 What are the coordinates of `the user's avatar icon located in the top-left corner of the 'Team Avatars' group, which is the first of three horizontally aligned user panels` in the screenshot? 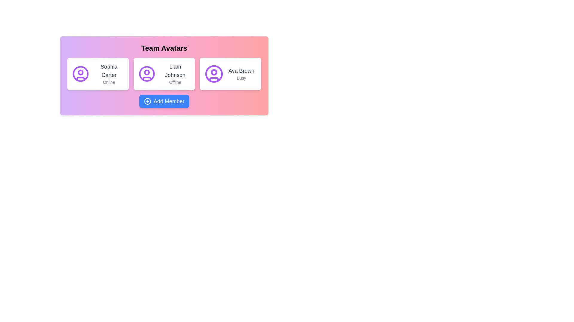 It's located at (80, 73).